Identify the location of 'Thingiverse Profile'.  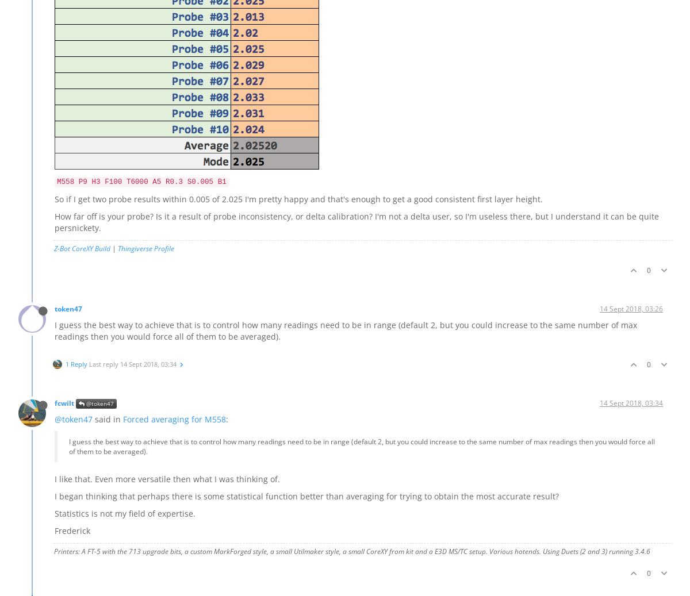
(145, 247).